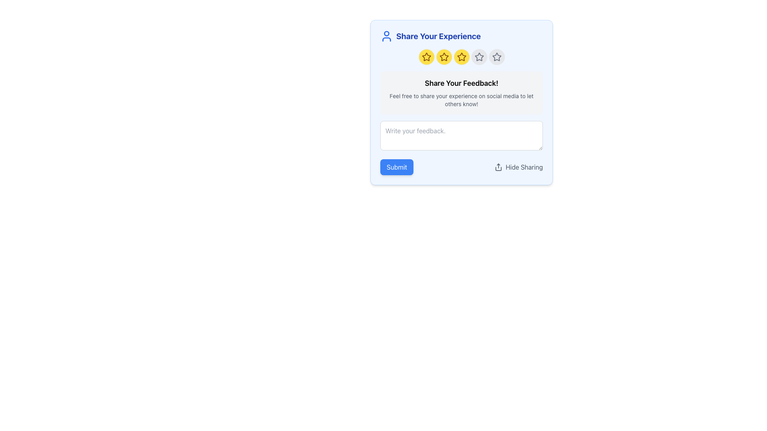 This screenshot has width=767, height=431. Describe the element at coordinates (461, 56) in the screenshot. I see `the circular badge button with a yellow background and dark yellow star icon by navigating with the keyboard` at that location.